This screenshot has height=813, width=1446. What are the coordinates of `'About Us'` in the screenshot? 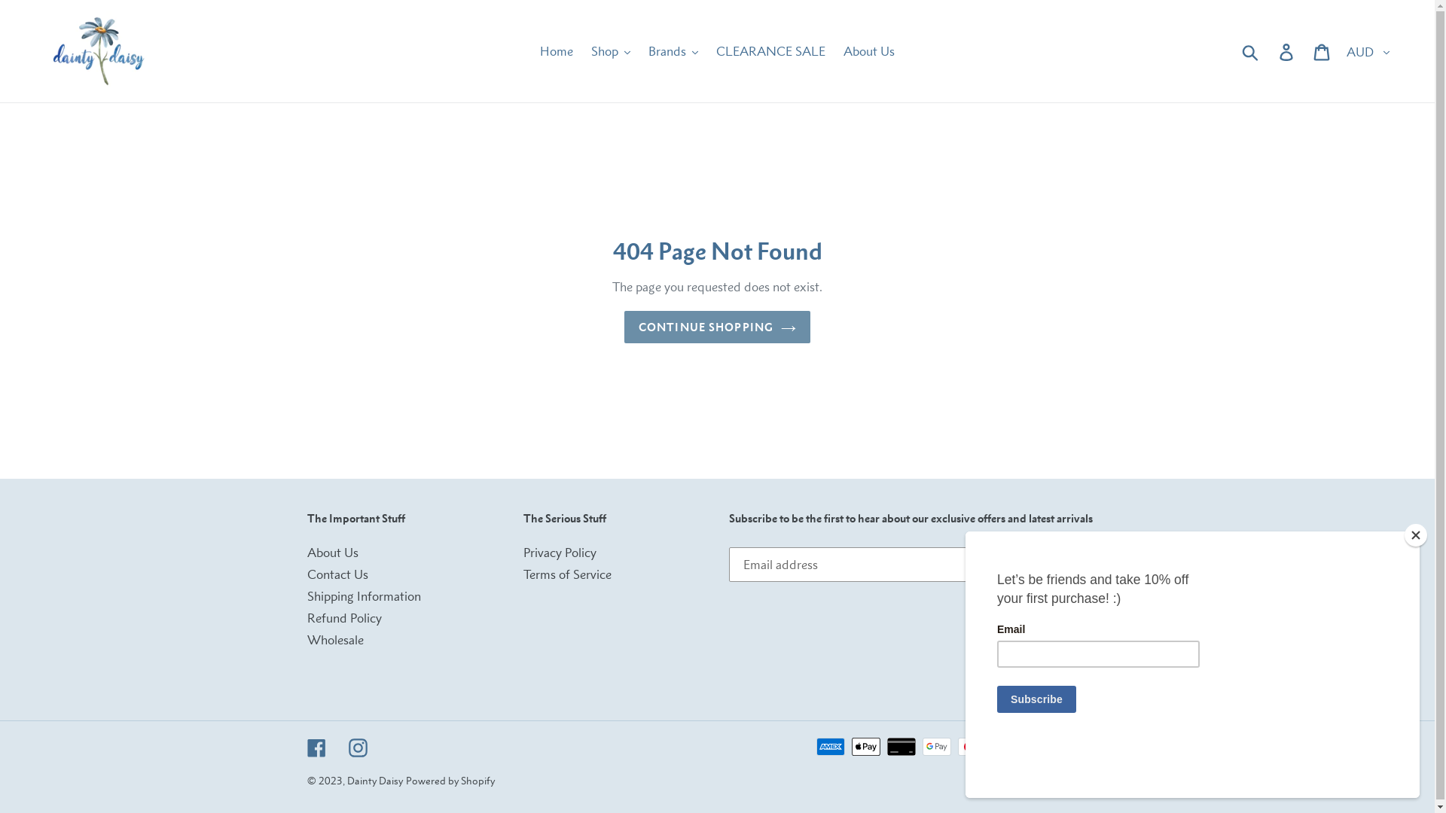 It's located at (331, 552).